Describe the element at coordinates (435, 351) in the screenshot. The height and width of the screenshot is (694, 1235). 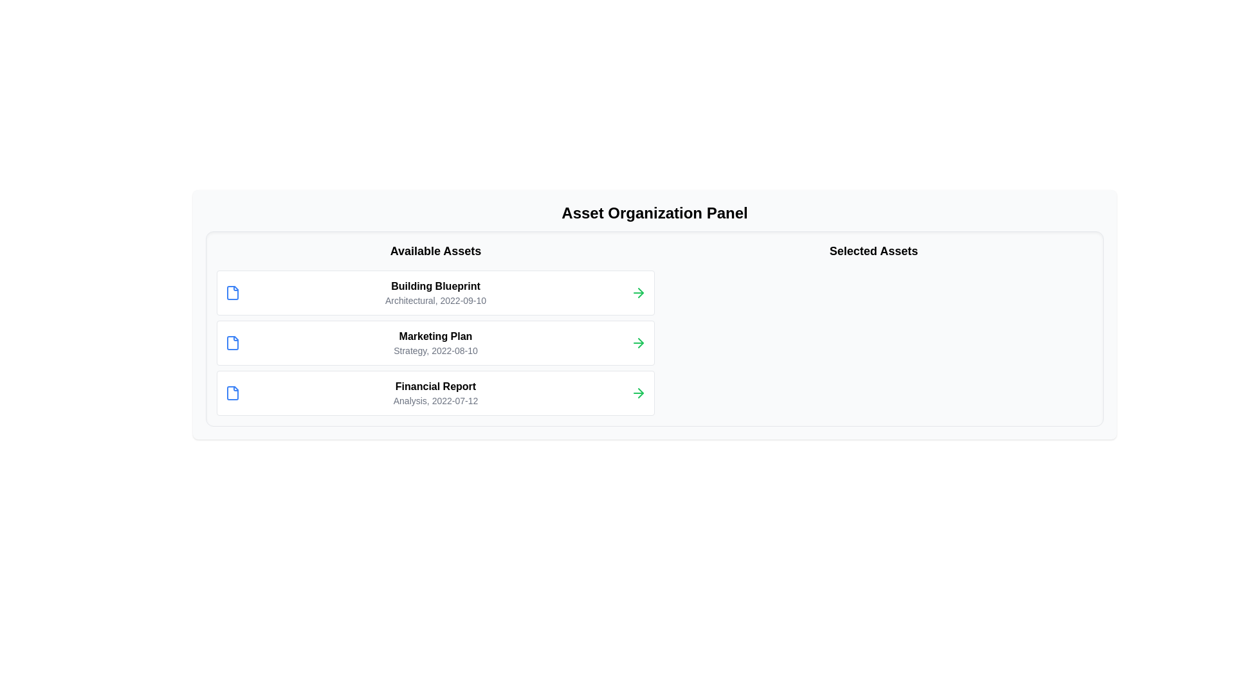
I see `the text label indicating the type ('Strategy') and date ('2022-08-10') under the 'Marketing Plan' section in the 'Available Assets' column` at that location.